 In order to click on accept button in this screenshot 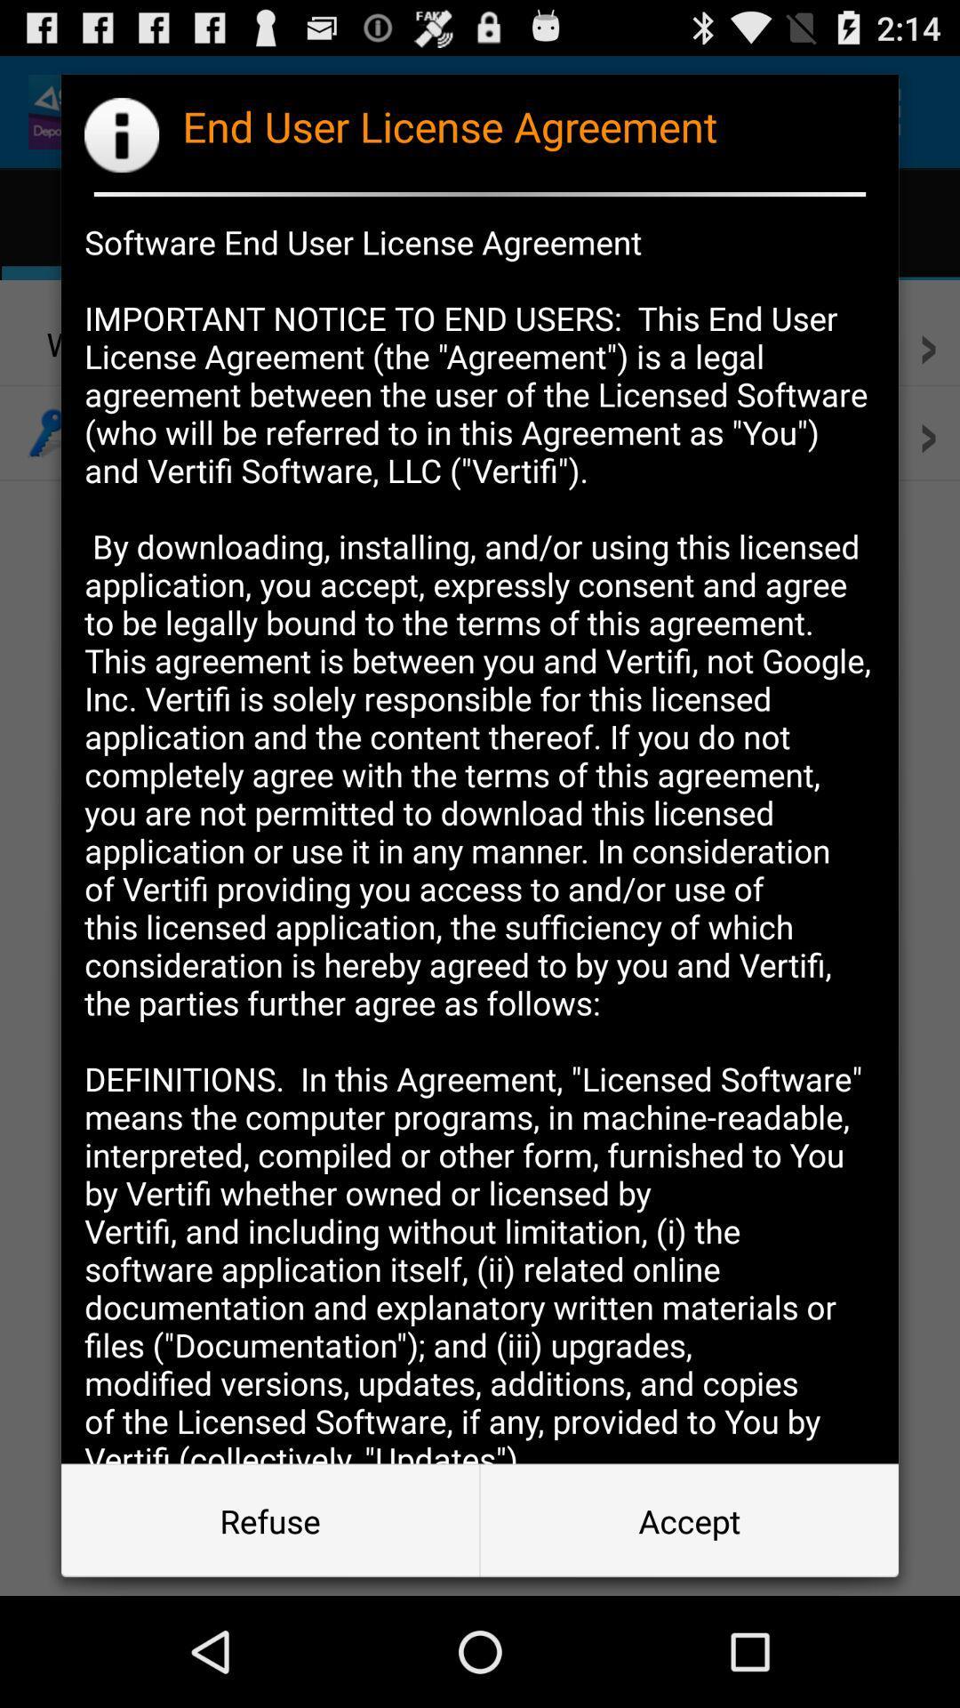, I will do `click(688, 1519)`.